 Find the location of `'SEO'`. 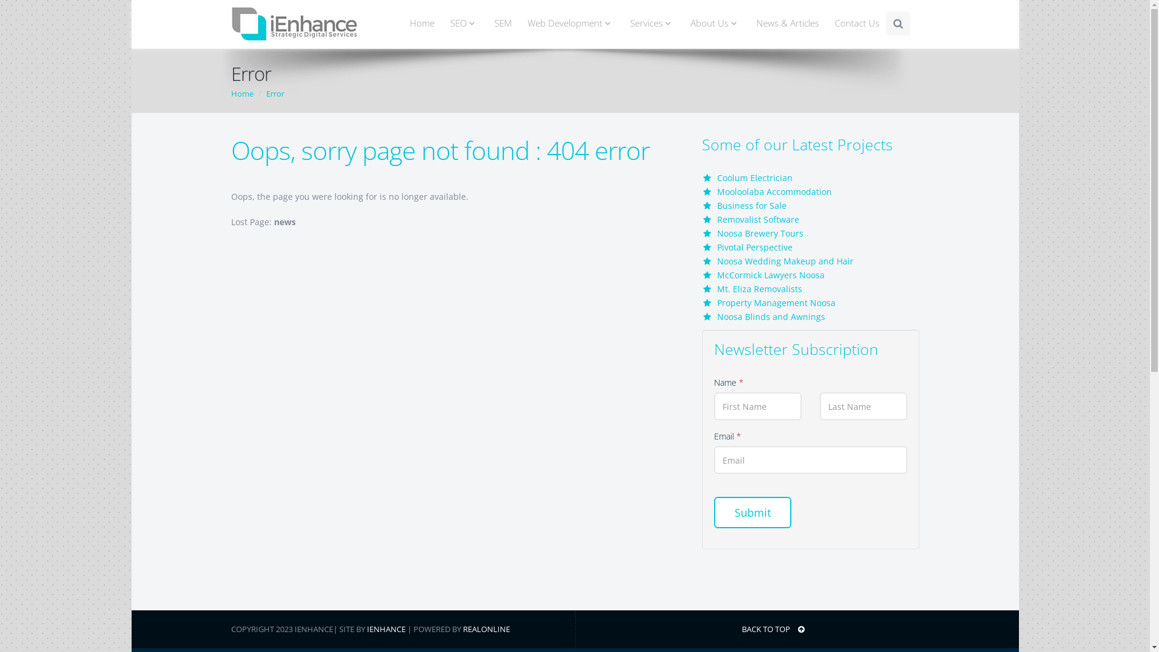

'SEO' is located at coordinates (463, 23).